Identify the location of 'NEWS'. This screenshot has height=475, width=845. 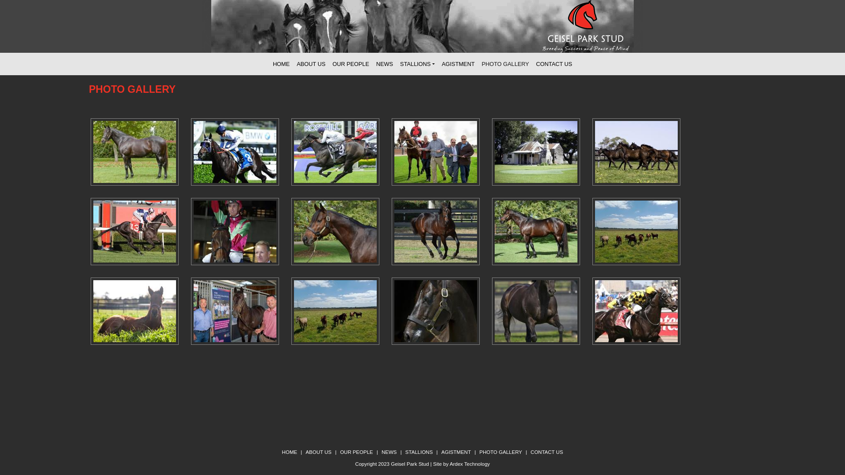
(384, 63).